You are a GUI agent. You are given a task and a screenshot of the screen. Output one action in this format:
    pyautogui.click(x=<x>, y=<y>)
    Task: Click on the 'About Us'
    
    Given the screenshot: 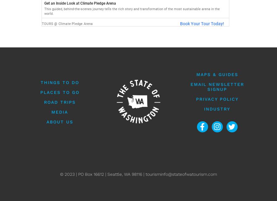 What is the action you would take?
    pyautogui.click(x=59, y=121)
    